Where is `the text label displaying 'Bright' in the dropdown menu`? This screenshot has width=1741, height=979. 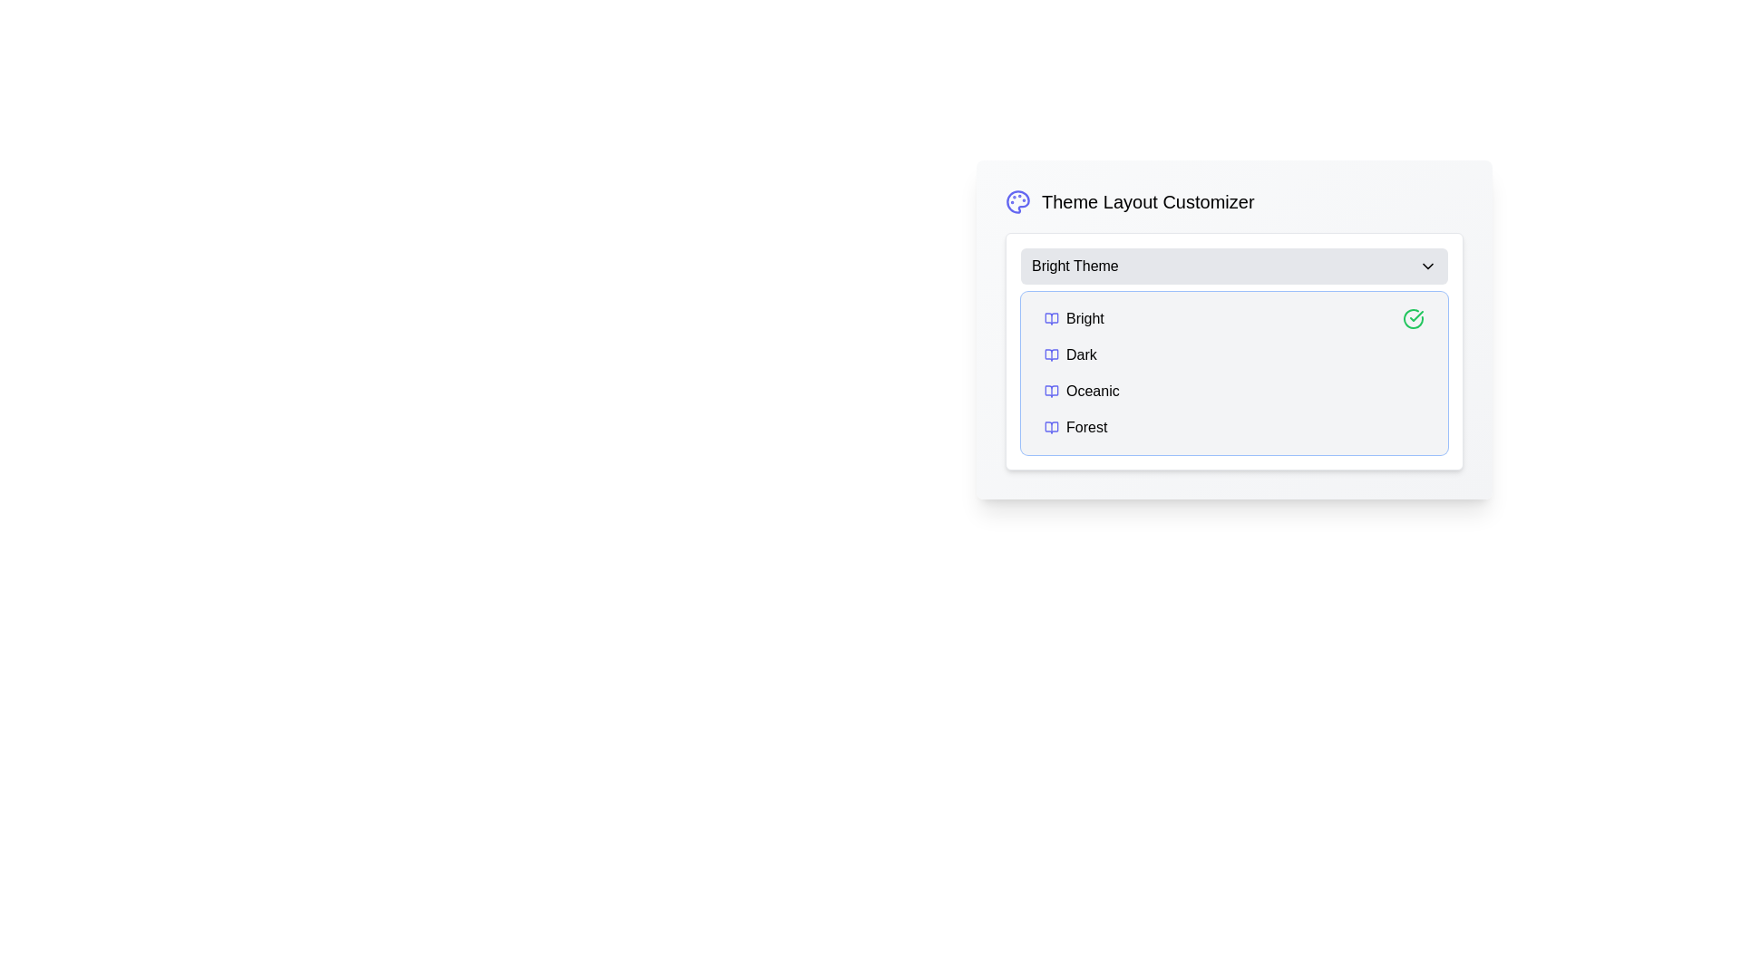
the text label displaying 'Bright' in the dropdown menu is located at coordinates (1084, 317).